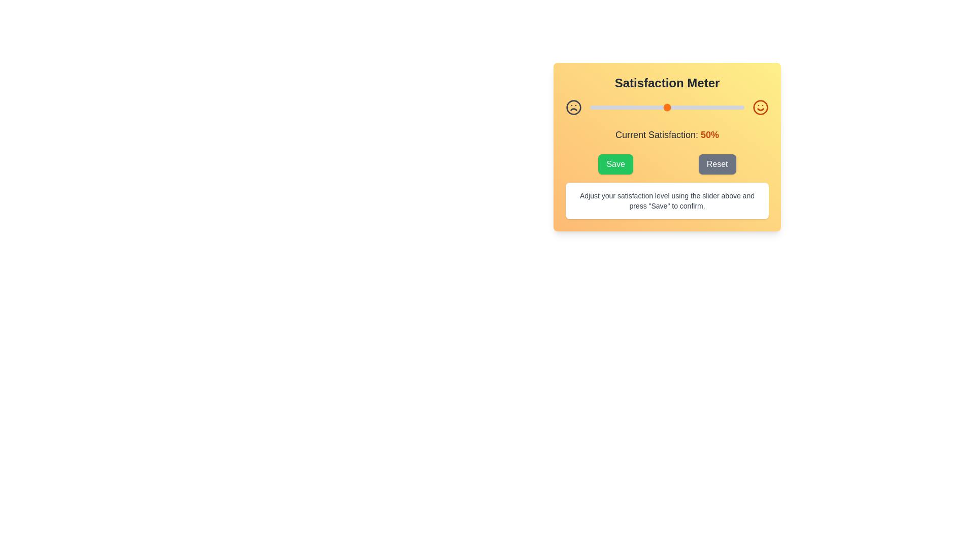  What do you see at coordinates (611, 108) in the screenshot?
I see `the satisfaction level to 14% by moving the slider` at bounding box center [611, 108].